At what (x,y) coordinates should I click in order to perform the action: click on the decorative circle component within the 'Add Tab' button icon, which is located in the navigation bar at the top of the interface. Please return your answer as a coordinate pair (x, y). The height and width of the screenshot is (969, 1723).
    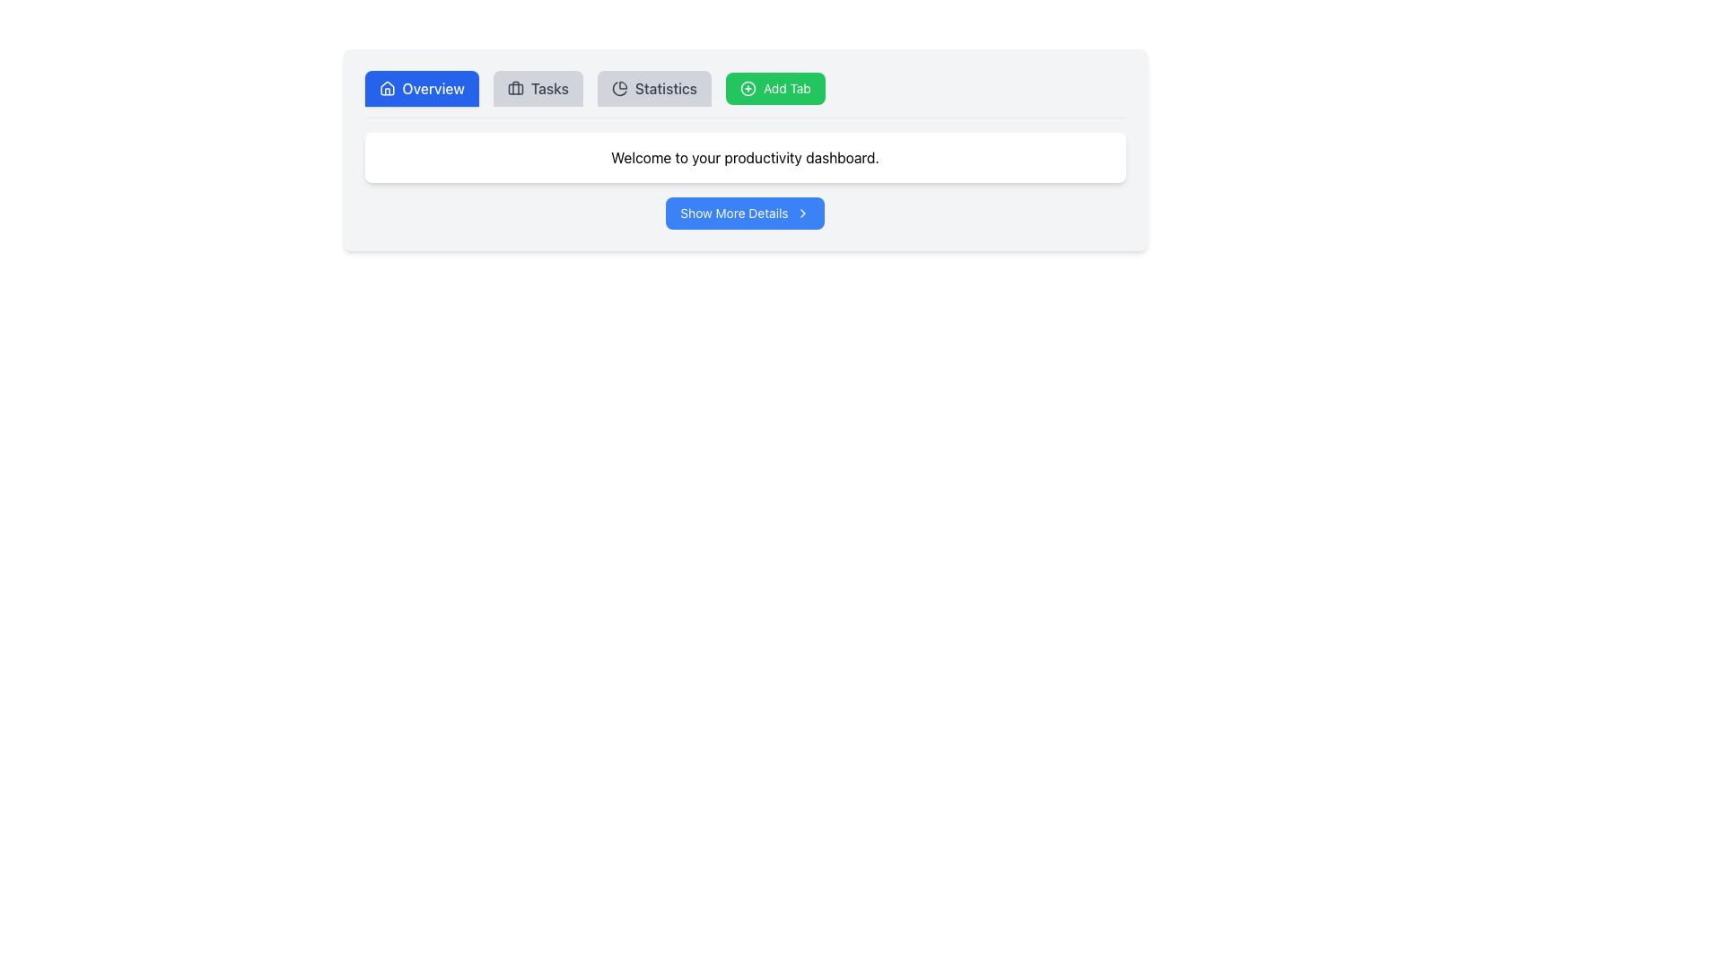
    Looking at the image, I should click on (748, 89).